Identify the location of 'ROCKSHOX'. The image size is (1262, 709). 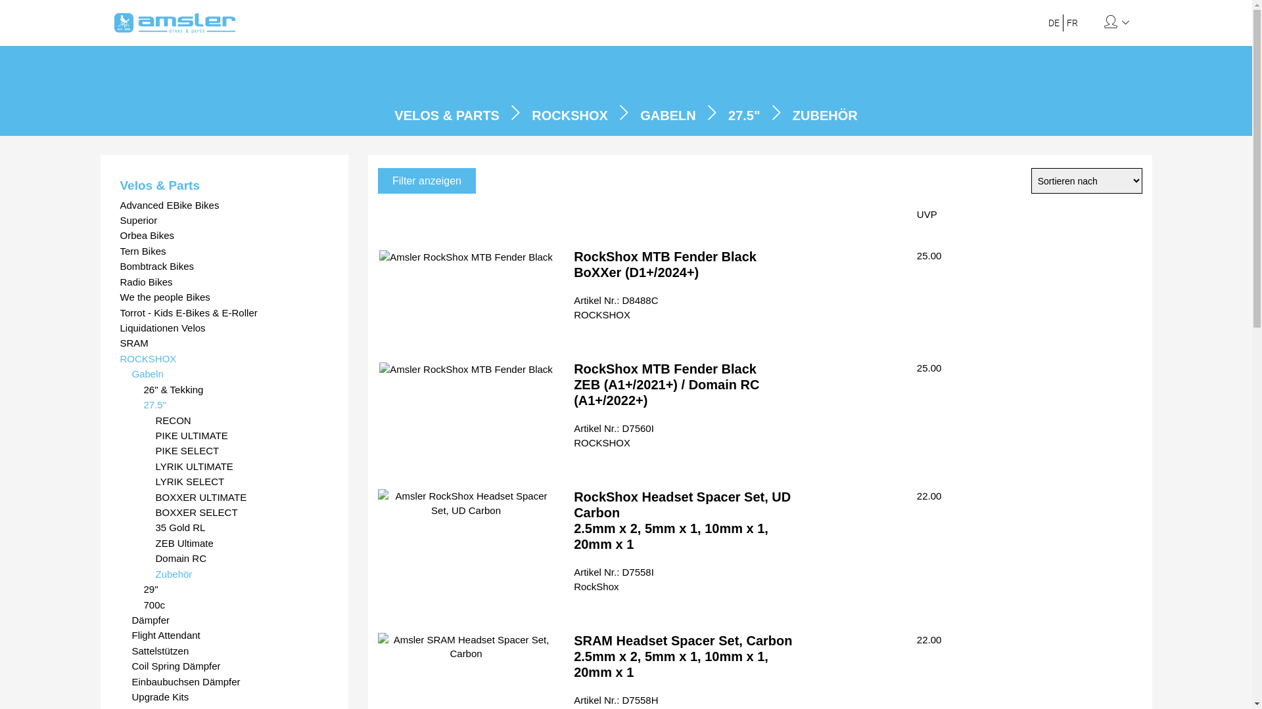
(532, 115).